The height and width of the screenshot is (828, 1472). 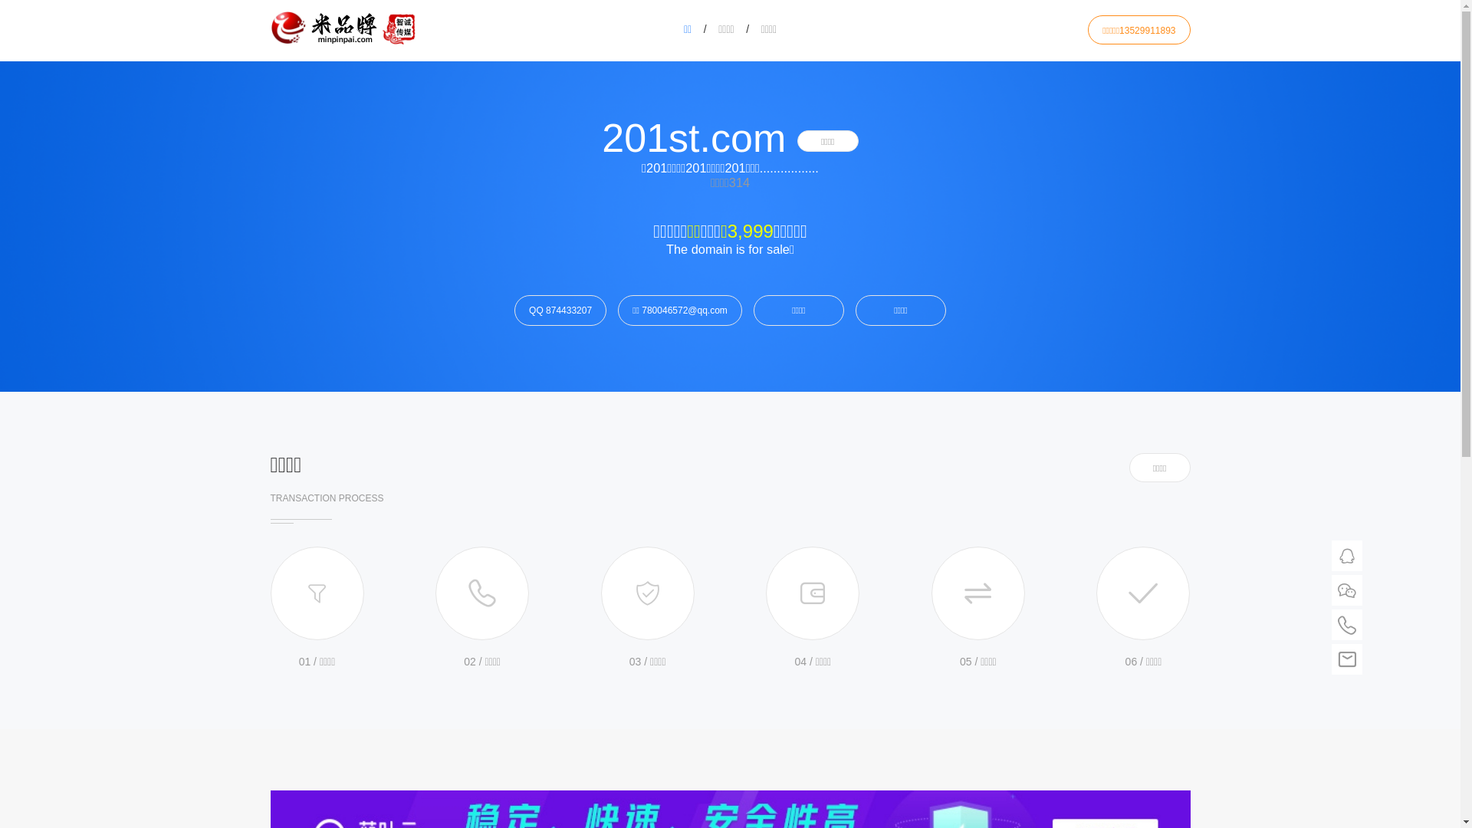 I want to click on 'QQ 874433207', so click(x=559, y=310).